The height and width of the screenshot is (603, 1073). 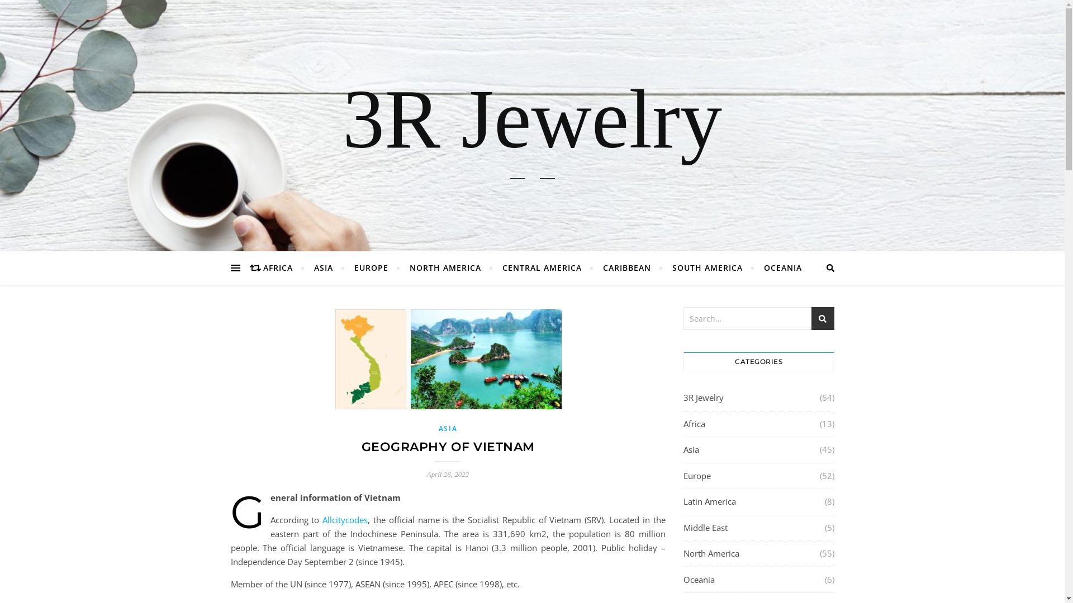 I want to click on 'Allcitycodes', so click(x=344, y=519).